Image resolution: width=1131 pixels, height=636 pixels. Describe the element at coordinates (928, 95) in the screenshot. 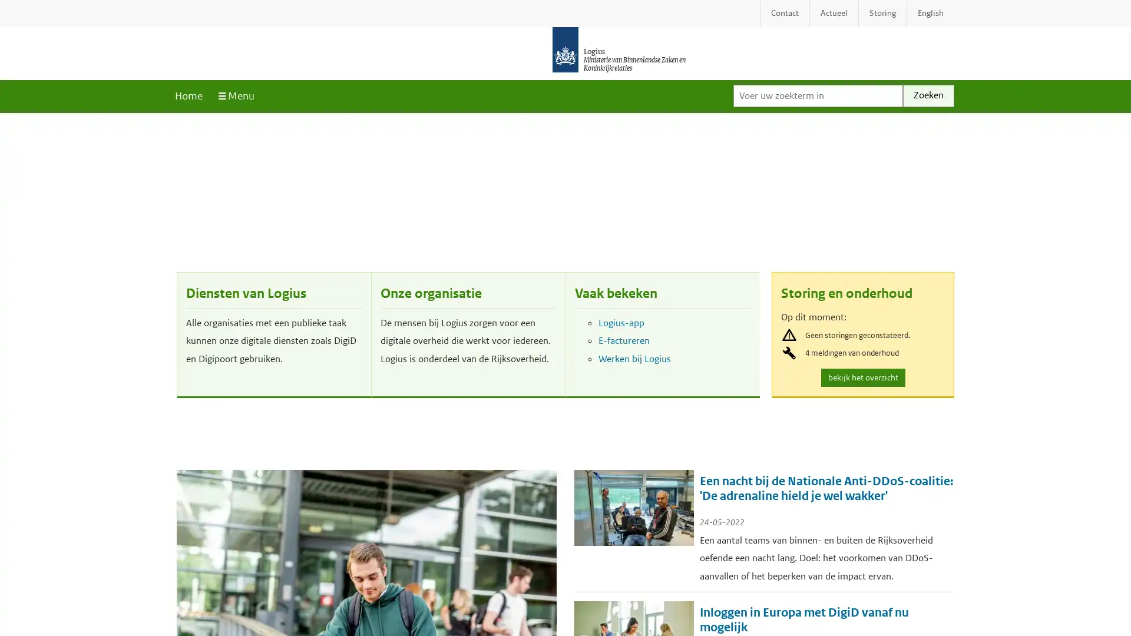

I see `Zoeken` at that location.